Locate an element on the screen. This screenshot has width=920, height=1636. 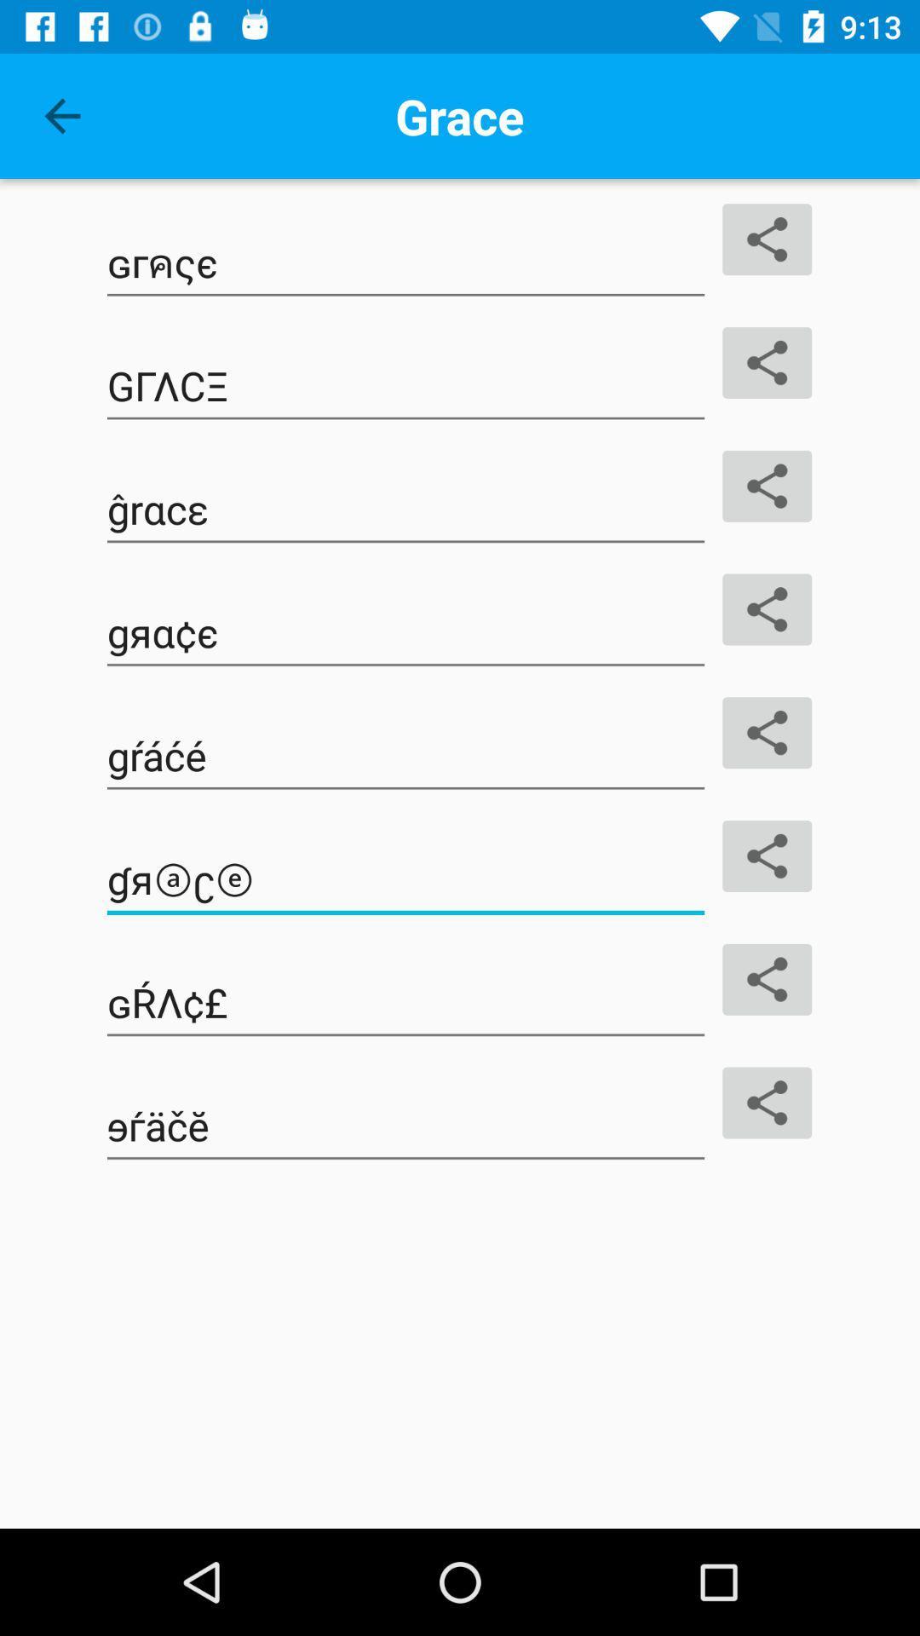
the share icon which is in the fifth line is located at coordinates (768, 733).